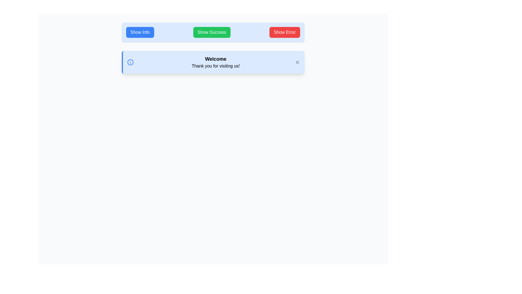 This screenshot has height=294, width=522. What do you see at coordinates (212, 32) in the screenshot?
I see `the rectangular button with a green background and white text reading 'Show Success'` at bounding box center [212, 32].